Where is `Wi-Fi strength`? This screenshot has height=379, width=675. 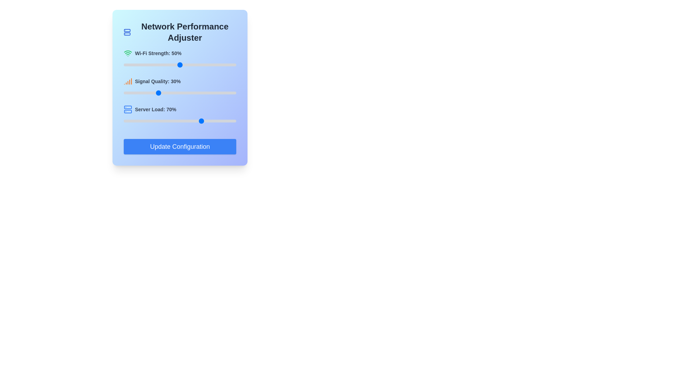
Wi-Fi strength is located at coordinates (154, 65).